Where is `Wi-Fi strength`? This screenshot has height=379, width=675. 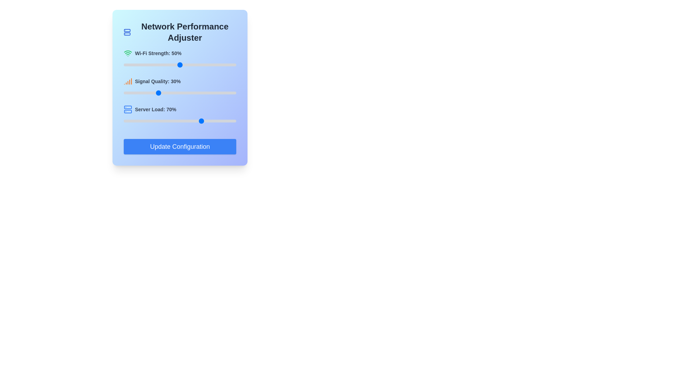
Wi-Fi strength is located at coordinates (154, 65).